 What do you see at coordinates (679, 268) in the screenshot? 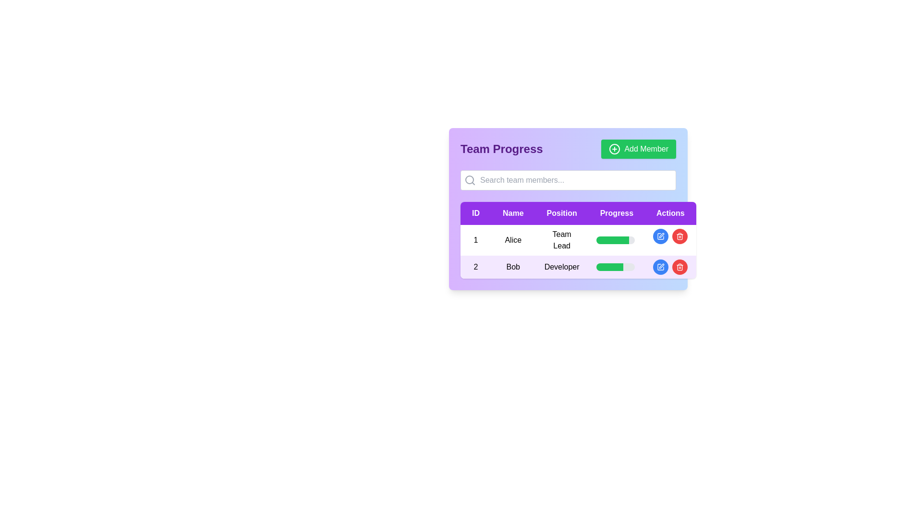
I see `the trash bin icon located in the 'Actions' column of the second row of the table, which represents the delete action for the respective team member's entry` at bounding box center [679, 268].